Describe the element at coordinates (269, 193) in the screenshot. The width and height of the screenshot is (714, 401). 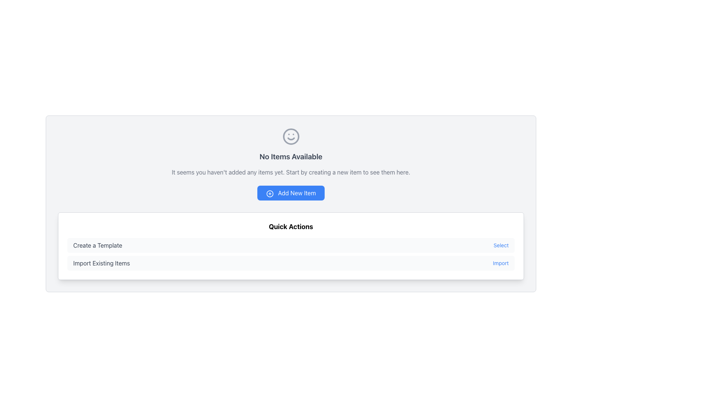
I see `the 'Add New Item' button which is located centrally below the 'No Items Available' message and has a circular icon with a plus sign on its left side` at that location.